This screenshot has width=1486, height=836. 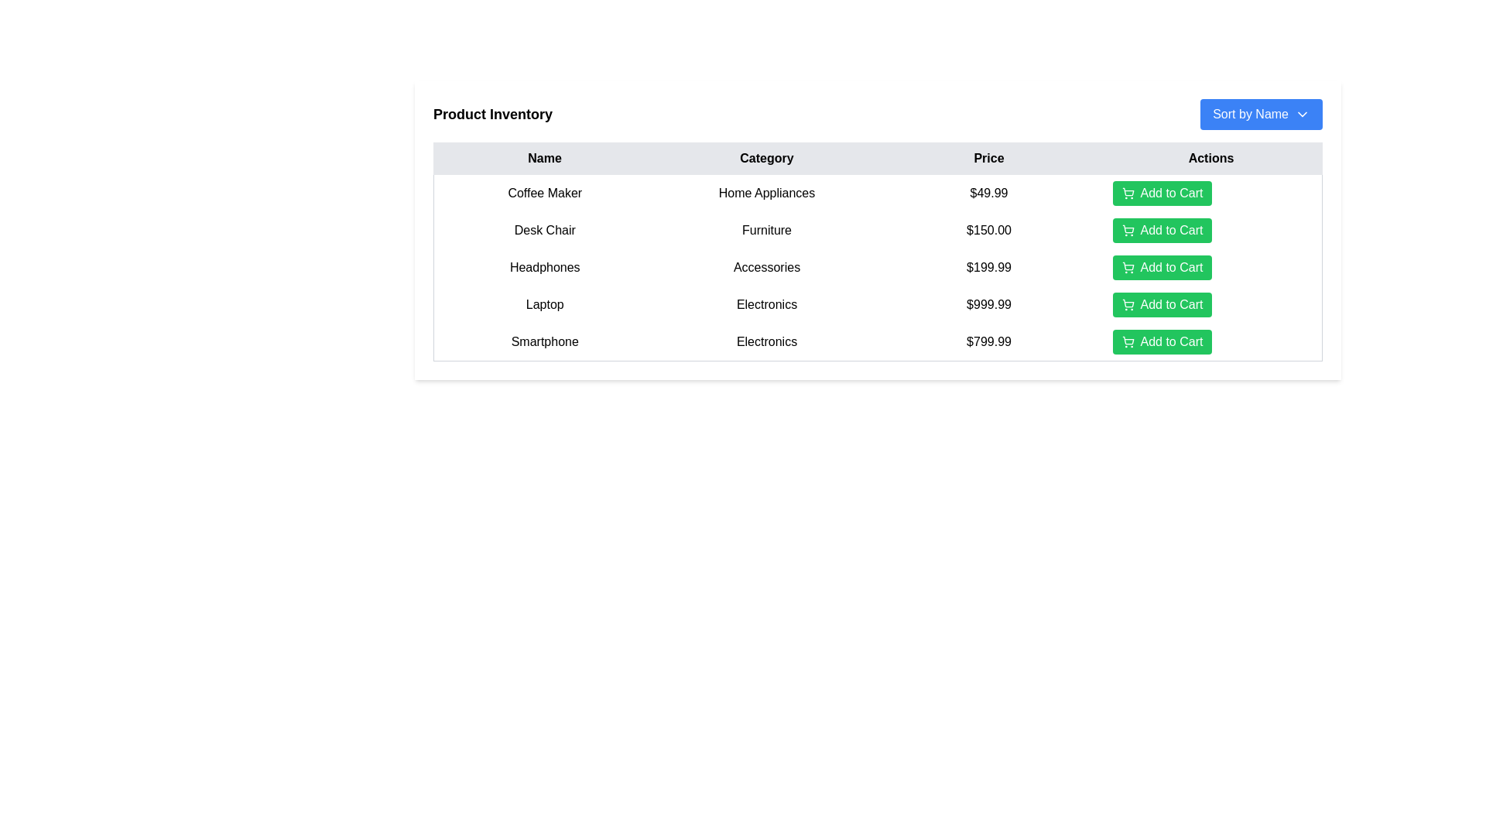 What do you see at coordinates (1128, 230) in the screenshot?
I see `the icon that indicates adding the 'Desk Chair' product to the shopping cart, located to the left of the green 'Add to Cart' button in the 'Actions' column` at bounding box center [1128, 230].